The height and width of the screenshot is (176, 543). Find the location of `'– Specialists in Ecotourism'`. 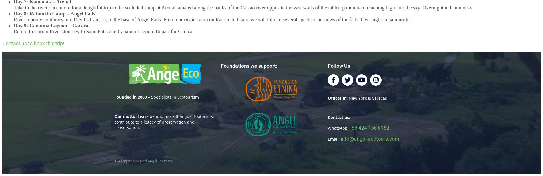

'– Specialists in Ecotourism' is located at coordinates (173, 97).